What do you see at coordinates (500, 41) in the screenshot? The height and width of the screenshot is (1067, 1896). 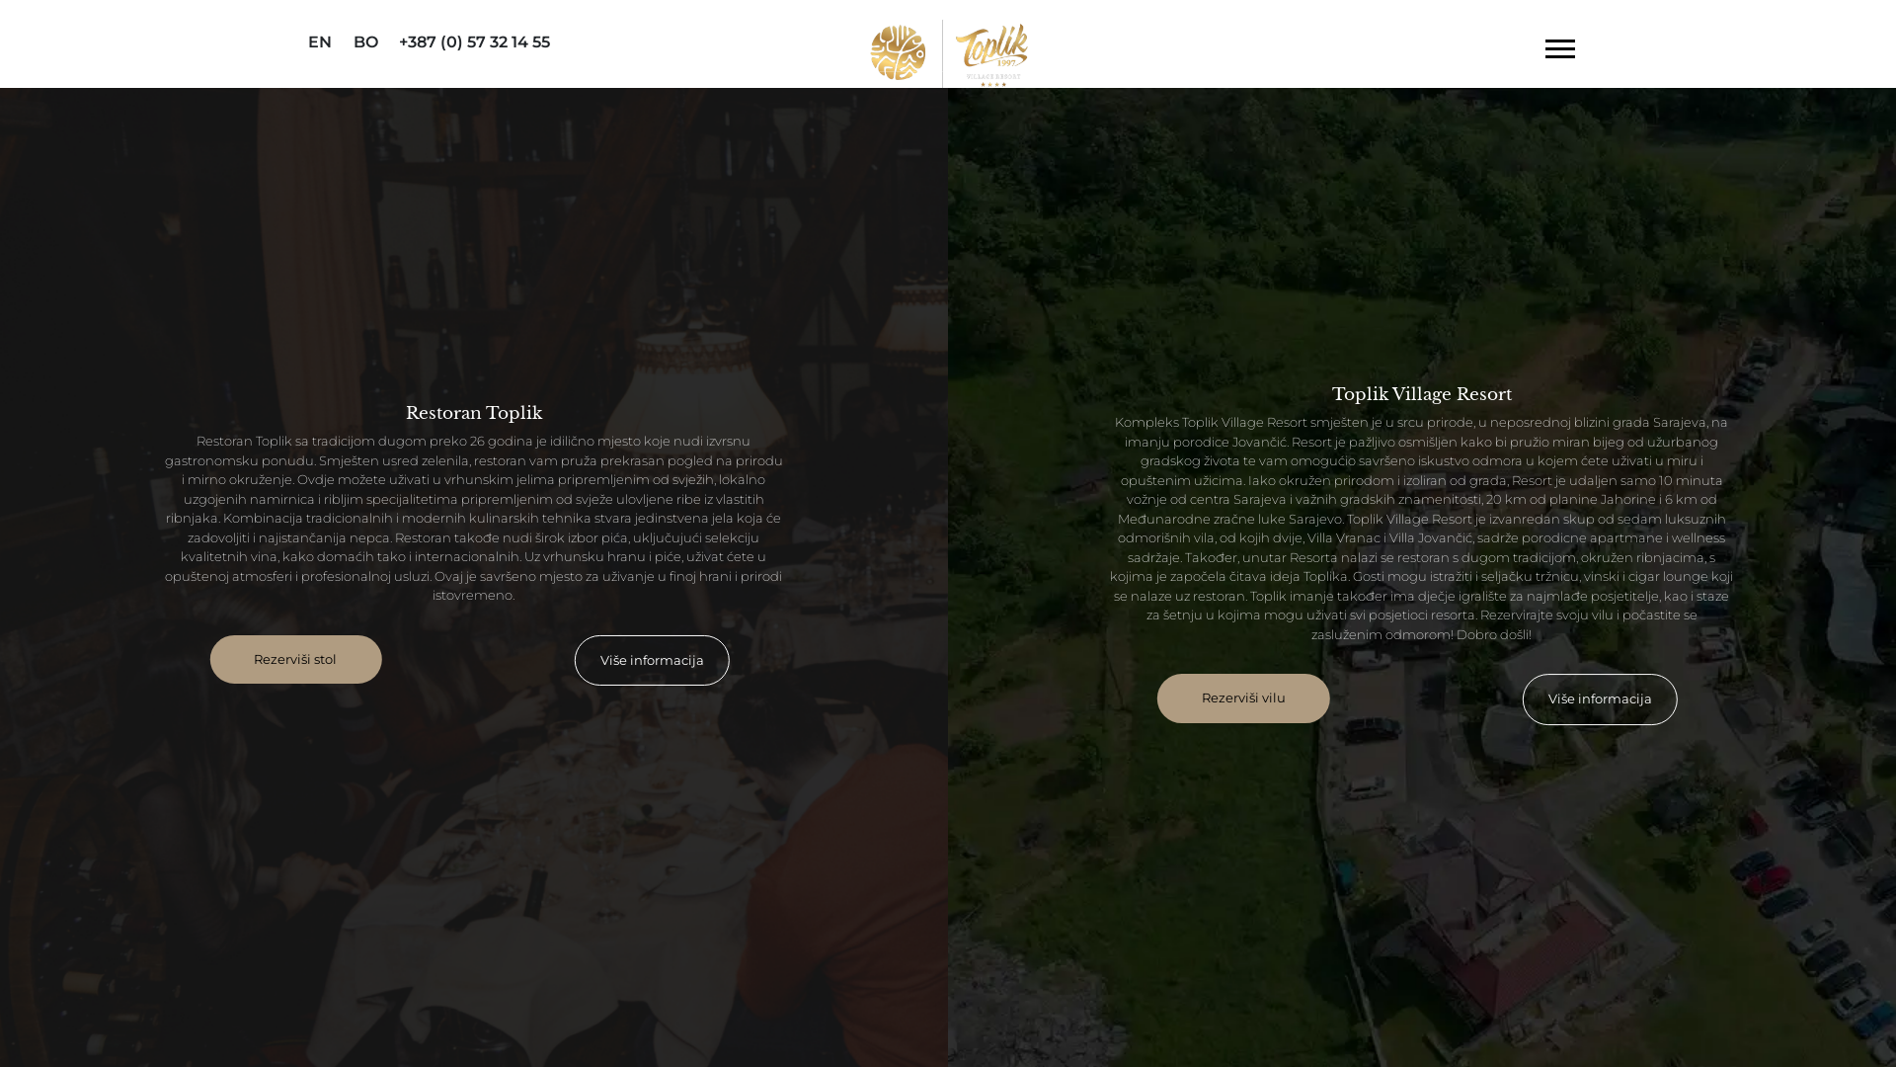 I see `'+387 (0) 57 32 14 55'` at bounding box center [500, 41].